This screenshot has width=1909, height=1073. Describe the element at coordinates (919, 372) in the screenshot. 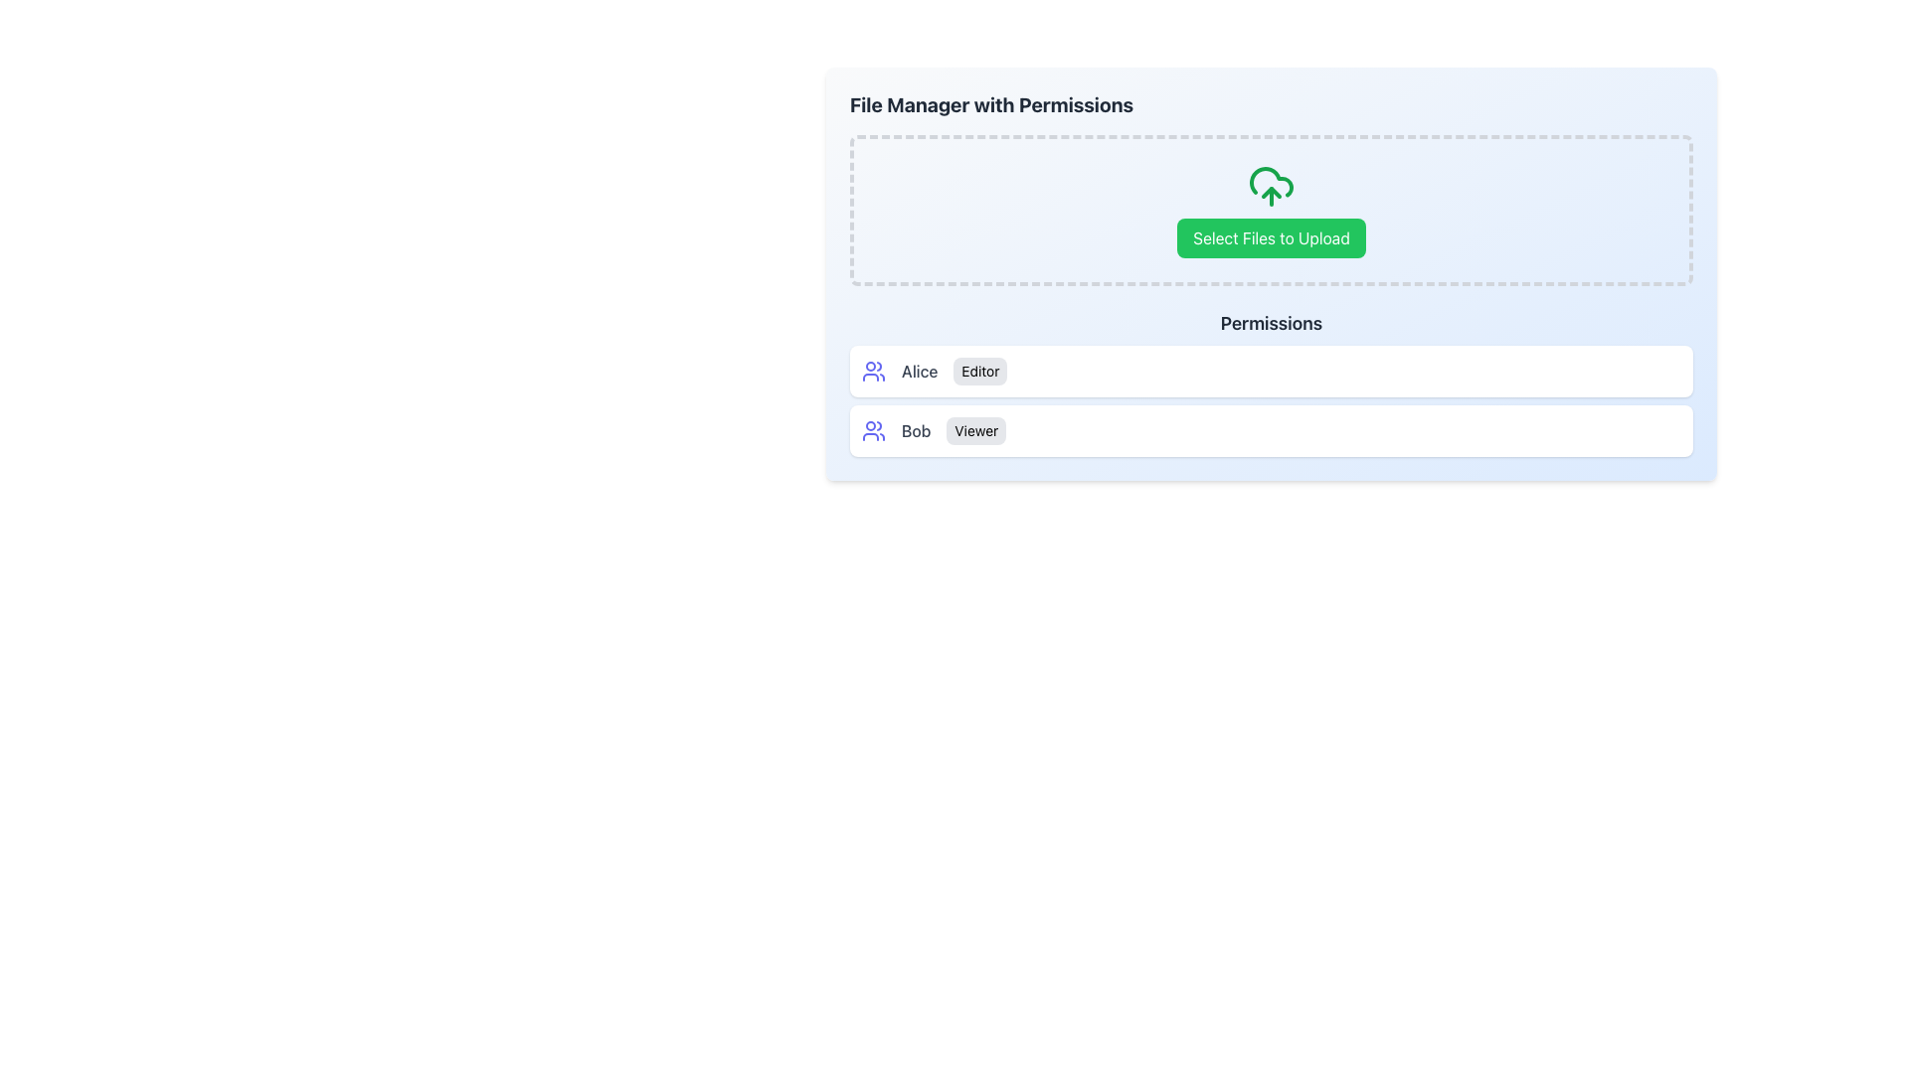

I see `text label displaying 'Alice', which is centrally positioned in a user list alongside an icon and role label` at that location.